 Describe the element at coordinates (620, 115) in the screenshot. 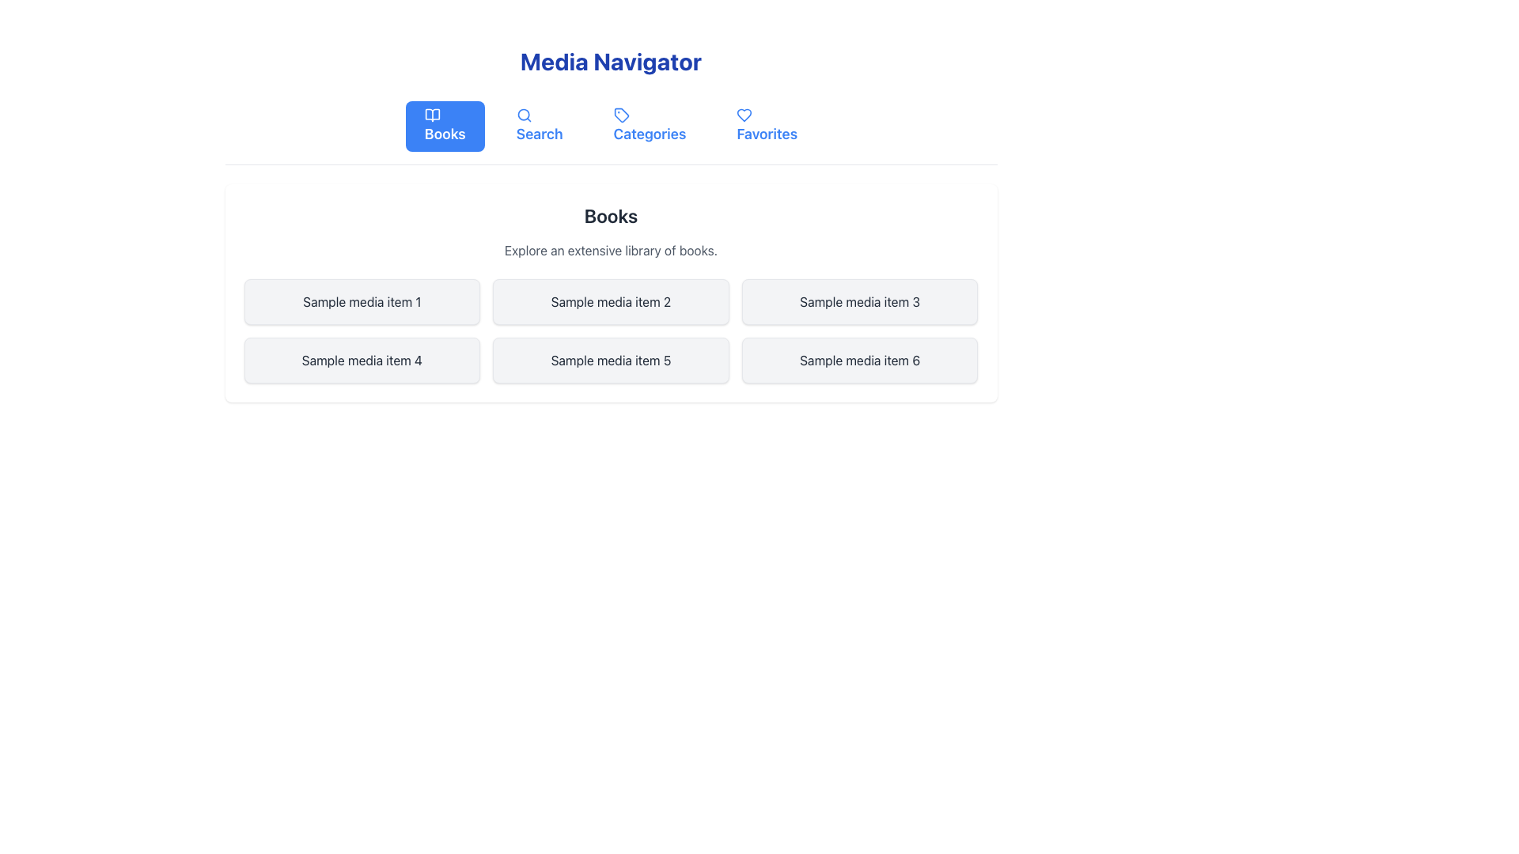

I see `the 'Categories' icon located in the main horizontal navigation bar, which is the third element from the left` at that location.